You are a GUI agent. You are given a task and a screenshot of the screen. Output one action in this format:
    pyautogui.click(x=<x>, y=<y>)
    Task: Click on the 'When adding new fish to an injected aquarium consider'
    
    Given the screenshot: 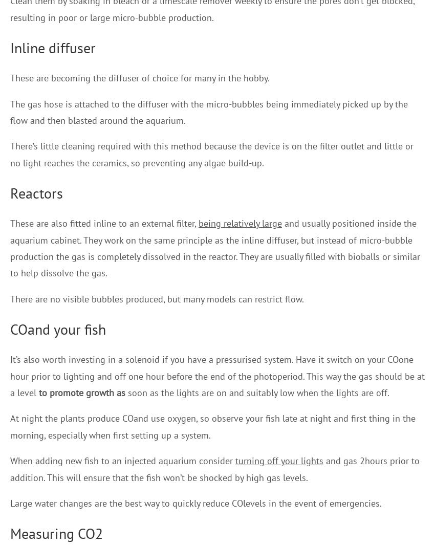 What is the action you would take?
    pyautogui.click(x=9, y=461)
    